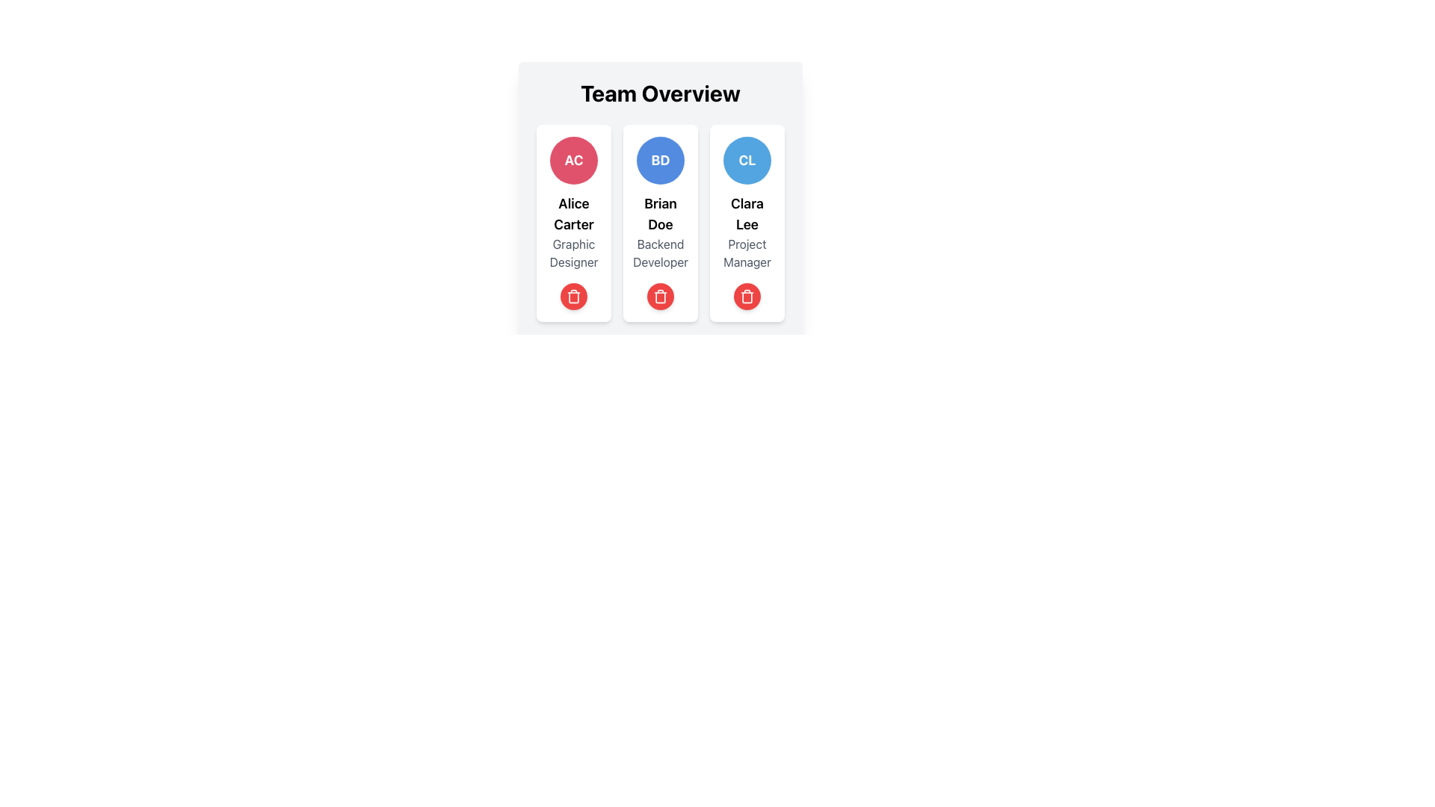 The height and width of the screenshot is (807, 1435). I want to click on the 'Graphic Designer' label, which is displayed in gray font within the card for 'Alice Carter', located in the second position of a vertical stack, so click(573, 253).